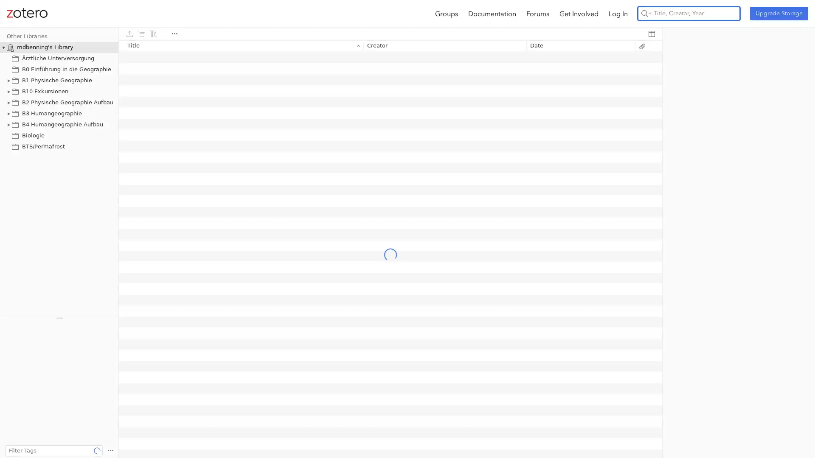  What do you see at coordinates (42, 336) in the screenshot?
I see `bedarfsgerechte Versorgung` at bounding box center [42, 336].